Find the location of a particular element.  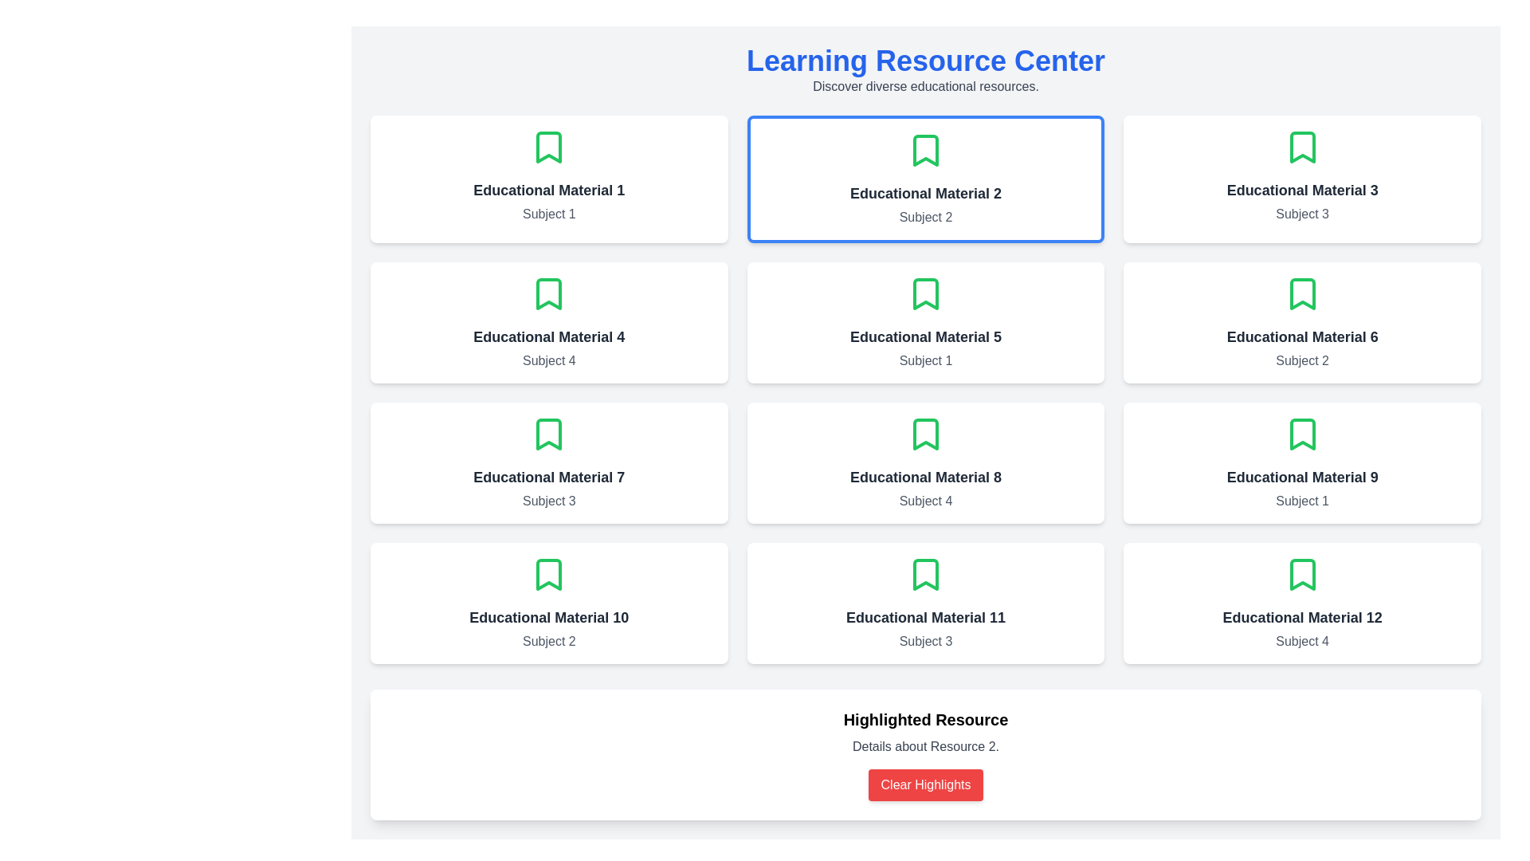

the green bookmark icon located at the top-center of the 'Educational Material 5' card, which is in the second row and fourth column of the grid layout is located at coordinates (925, 294).